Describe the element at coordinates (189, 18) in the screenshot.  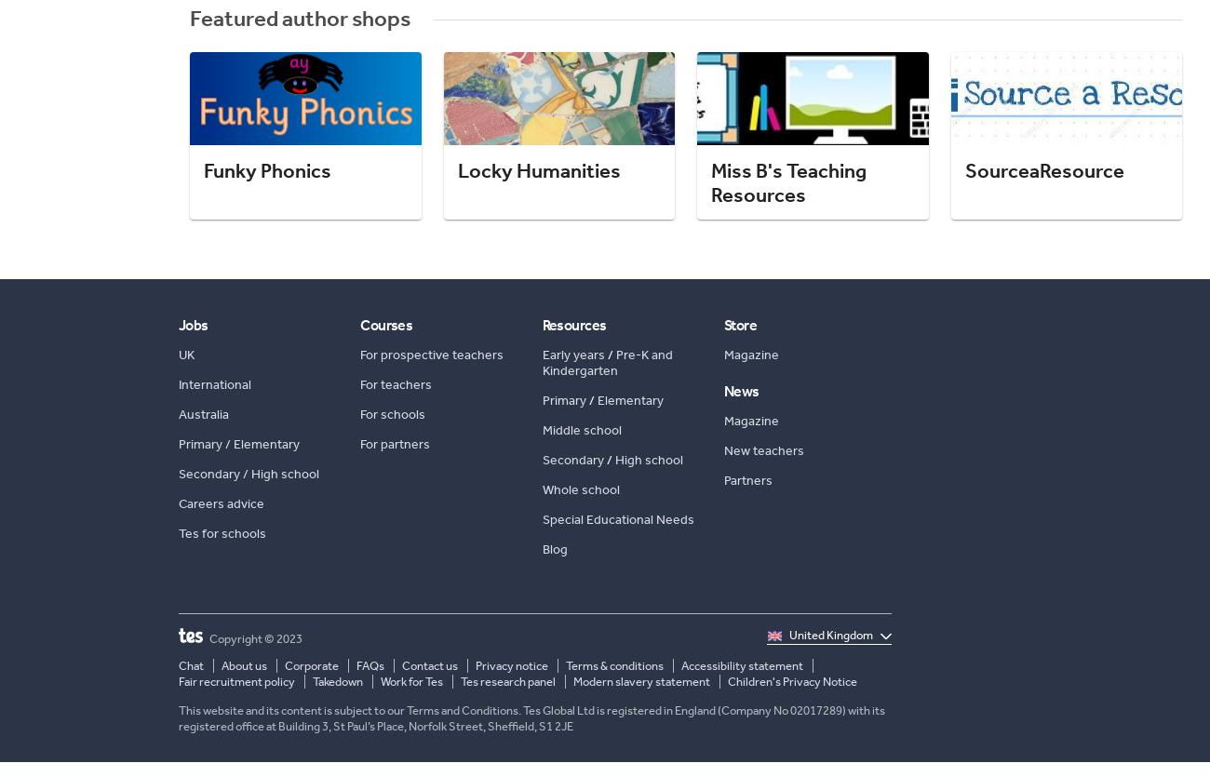
I see `'Featured author shops'` at that location.